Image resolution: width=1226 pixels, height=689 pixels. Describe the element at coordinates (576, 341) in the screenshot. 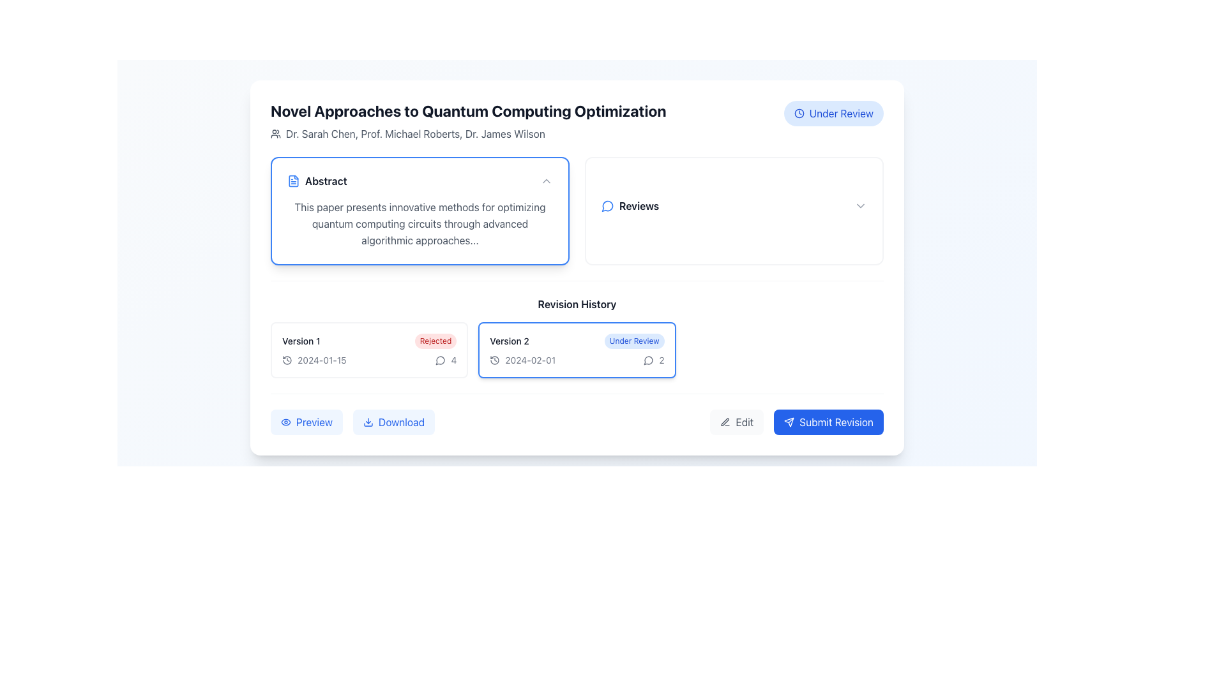

I see `textual header element displaying 'Version 2' in the second revision block under the 'Revision History' section` at that location.